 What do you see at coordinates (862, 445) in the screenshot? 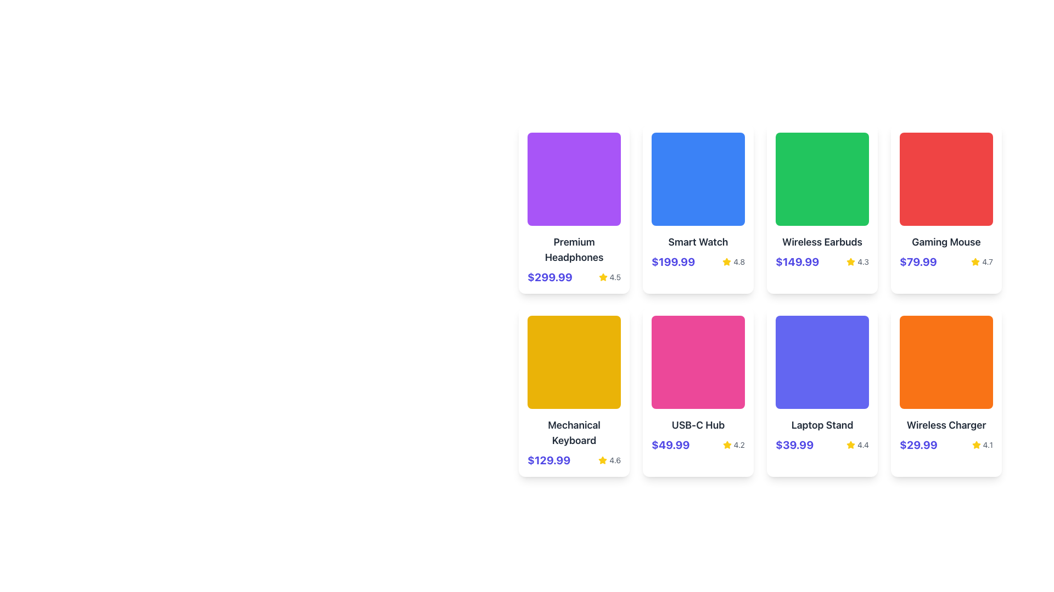
I see `value displayed in the text label showing '4.4', which is located immediately to the right of the yellow star icon in the rating display section of the 'Laptop Stand' product card` at bounding box center [862, 445].